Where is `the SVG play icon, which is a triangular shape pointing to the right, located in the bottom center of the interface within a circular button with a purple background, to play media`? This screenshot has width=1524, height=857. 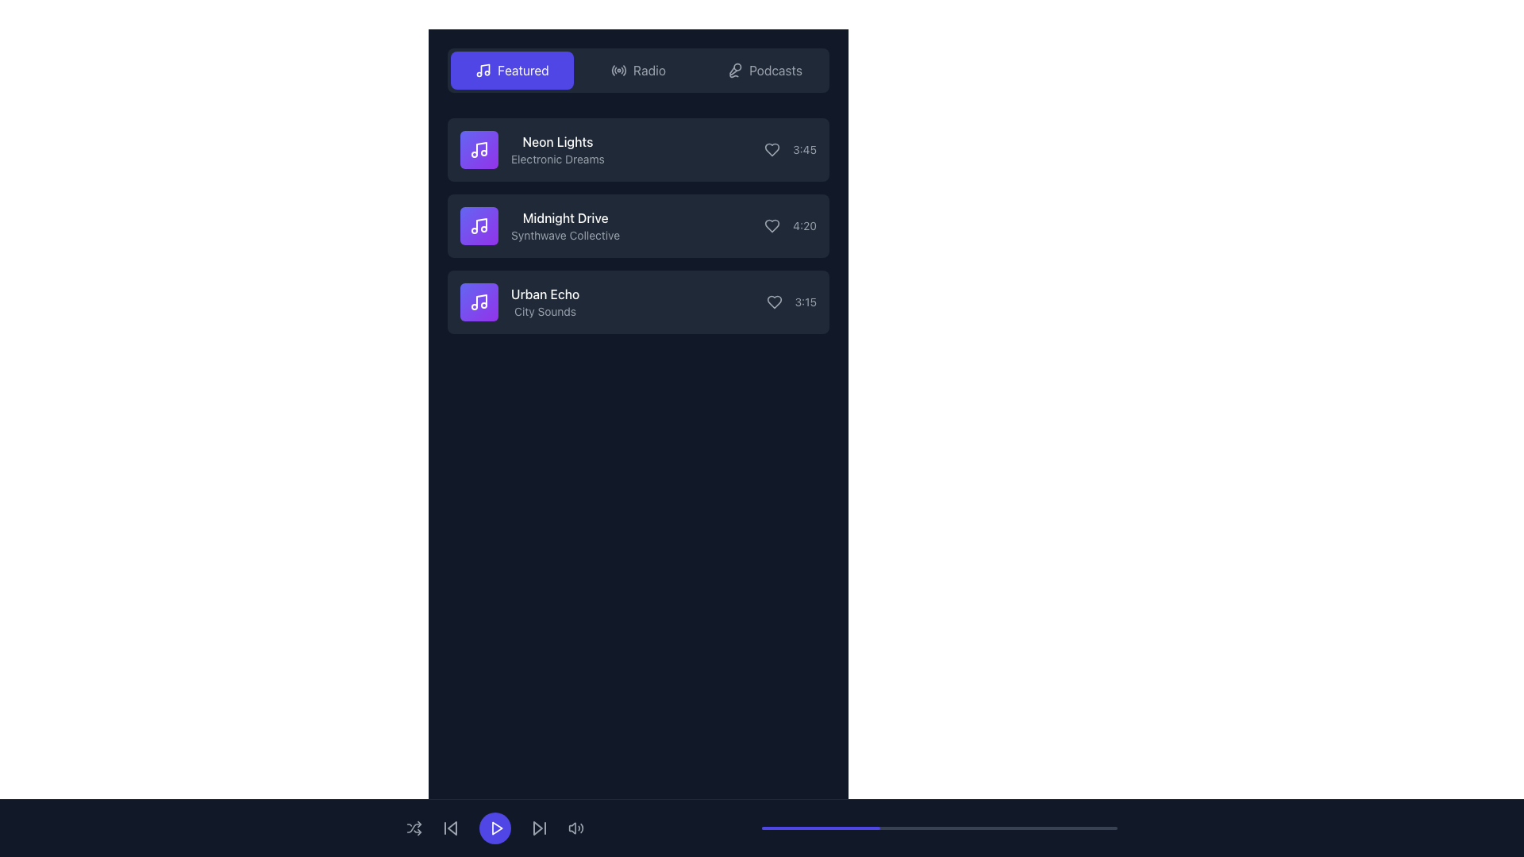
the SVG play icon, which is a triangular shape pointing to the right, located in the bottom center of the interface within a circular button with a purple background, to play media is located at coordinates (495, 828).